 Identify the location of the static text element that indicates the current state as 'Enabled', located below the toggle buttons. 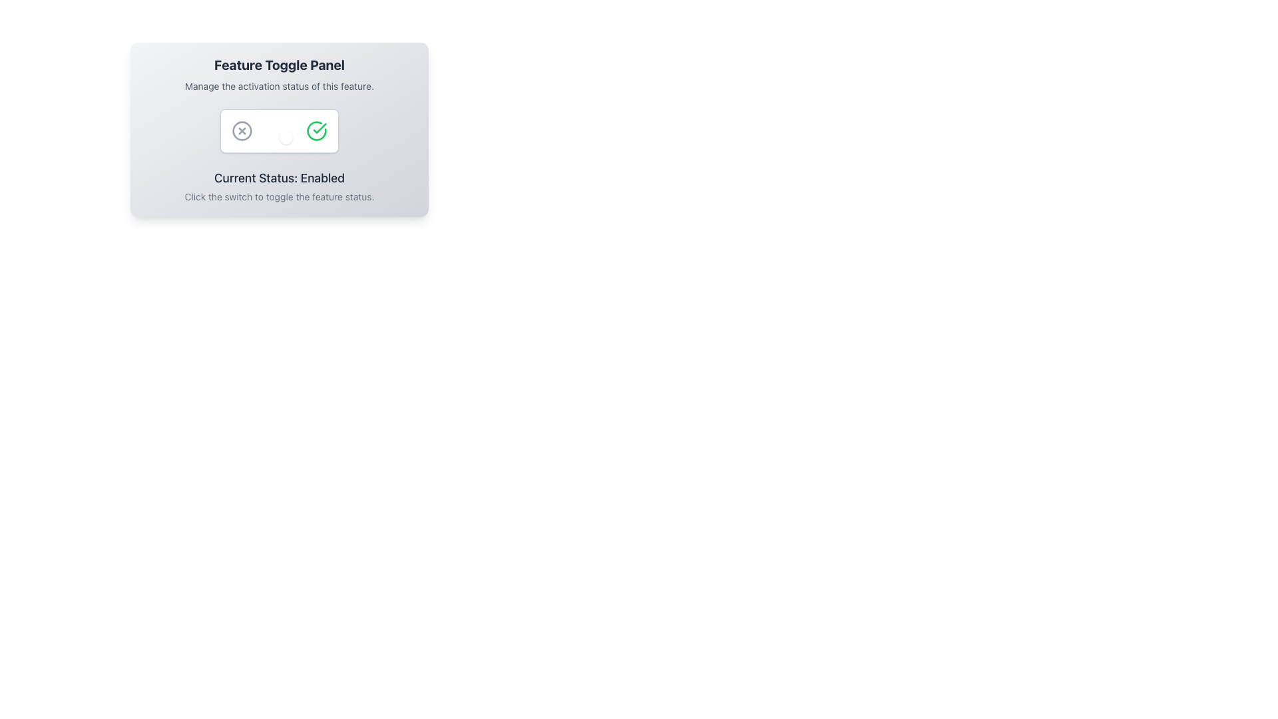
(322, 177).